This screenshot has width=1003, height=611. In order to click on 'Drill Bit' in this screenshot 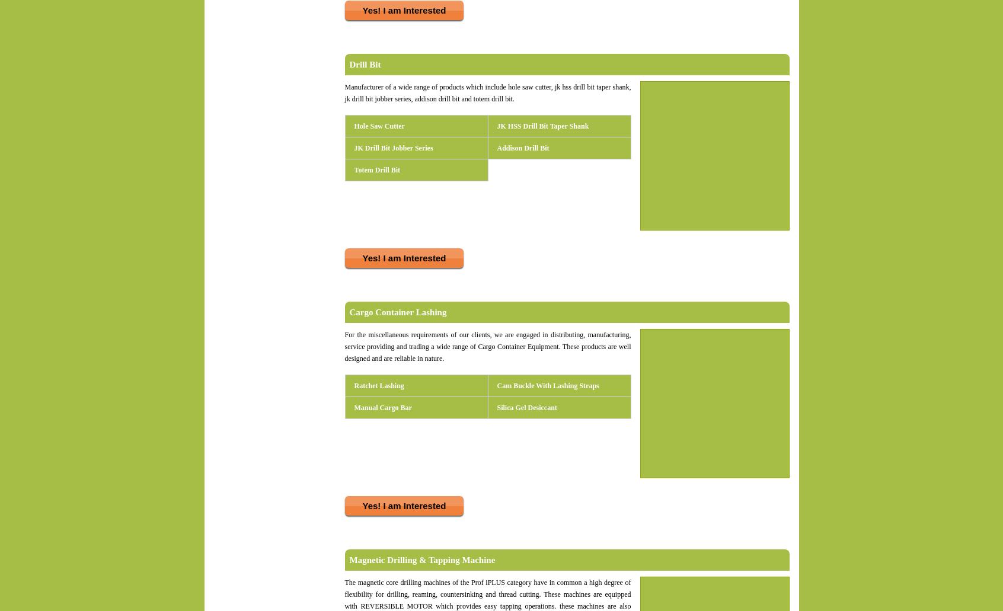, I will do `click(364, 63)`.